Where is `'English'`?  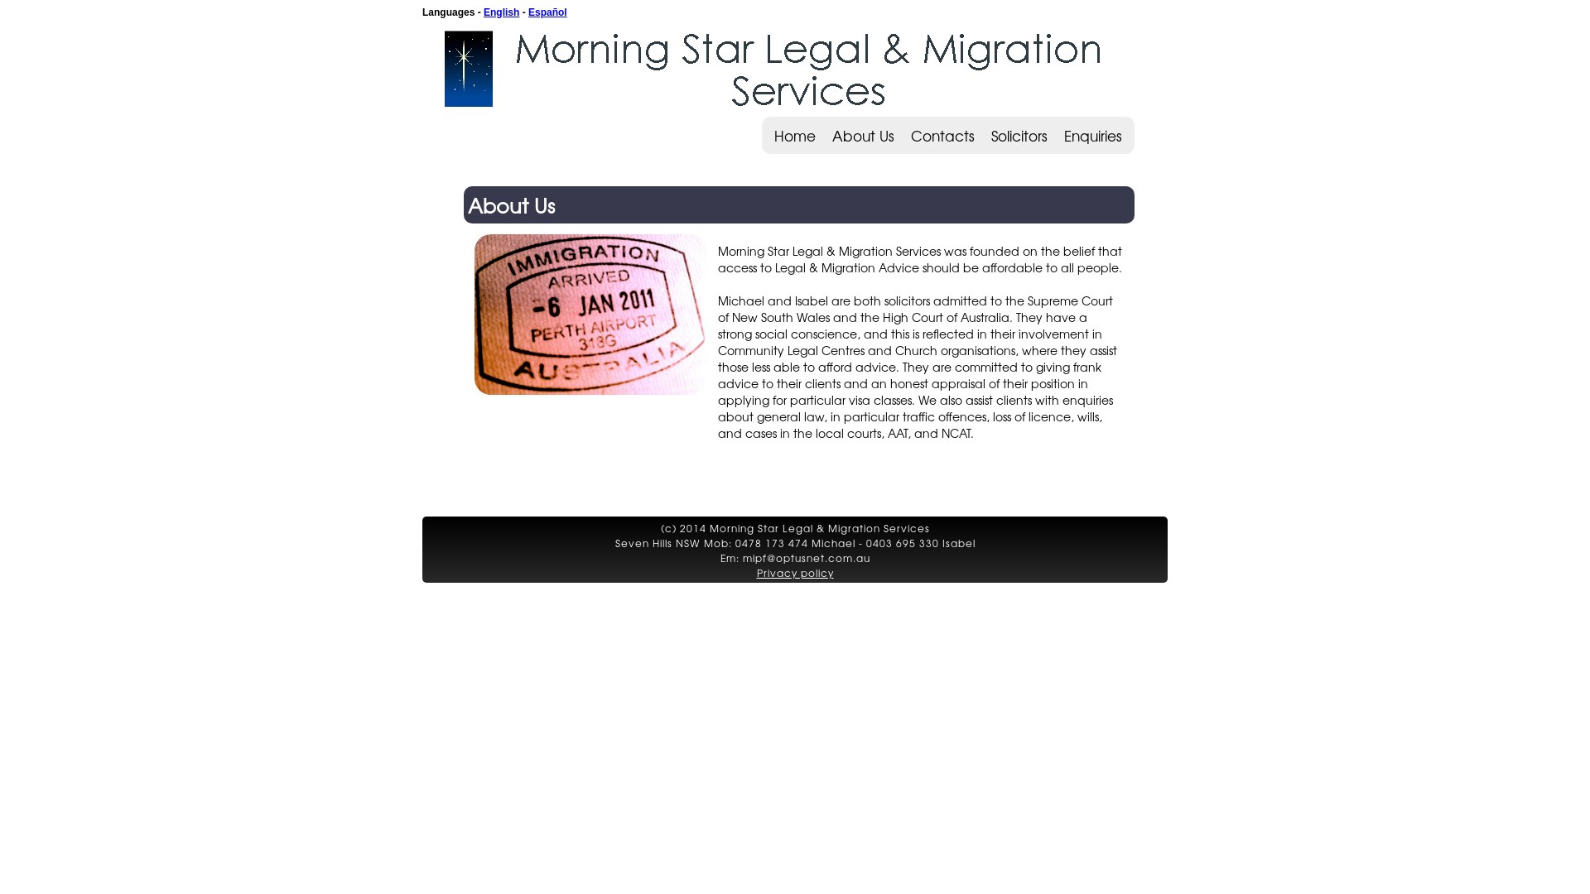
'English' is located at coordinates (500, 12).